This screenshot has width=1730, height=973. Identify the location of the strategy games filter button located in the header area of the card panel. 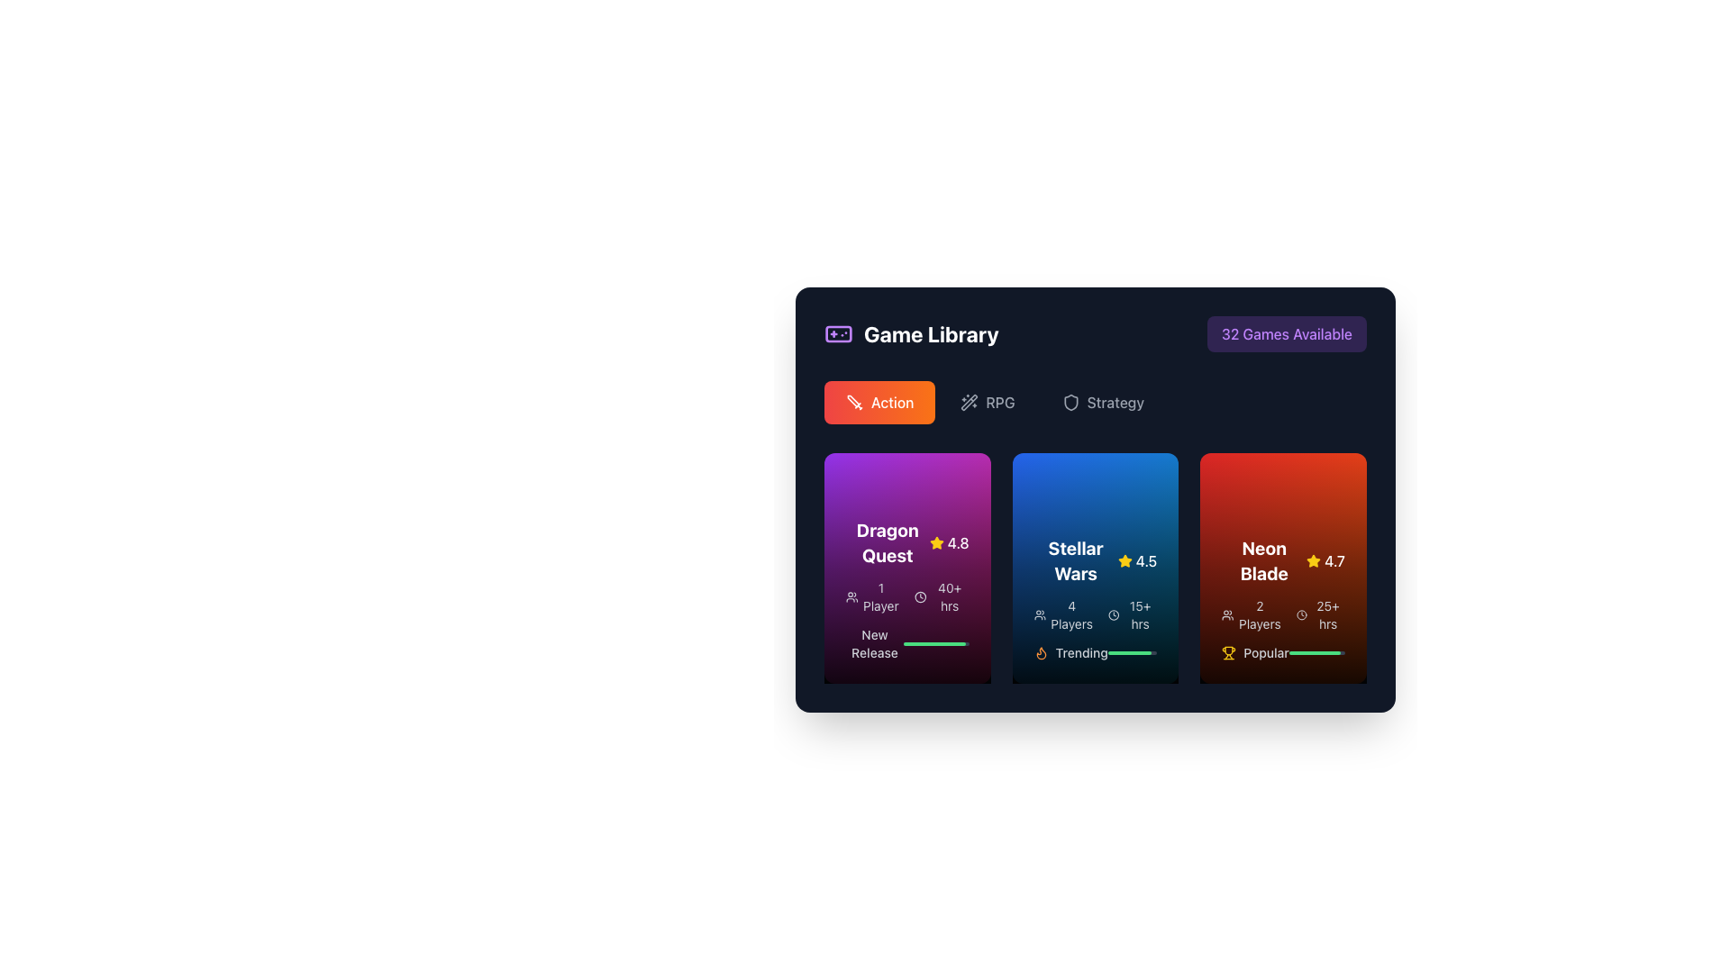
(1102, 402).